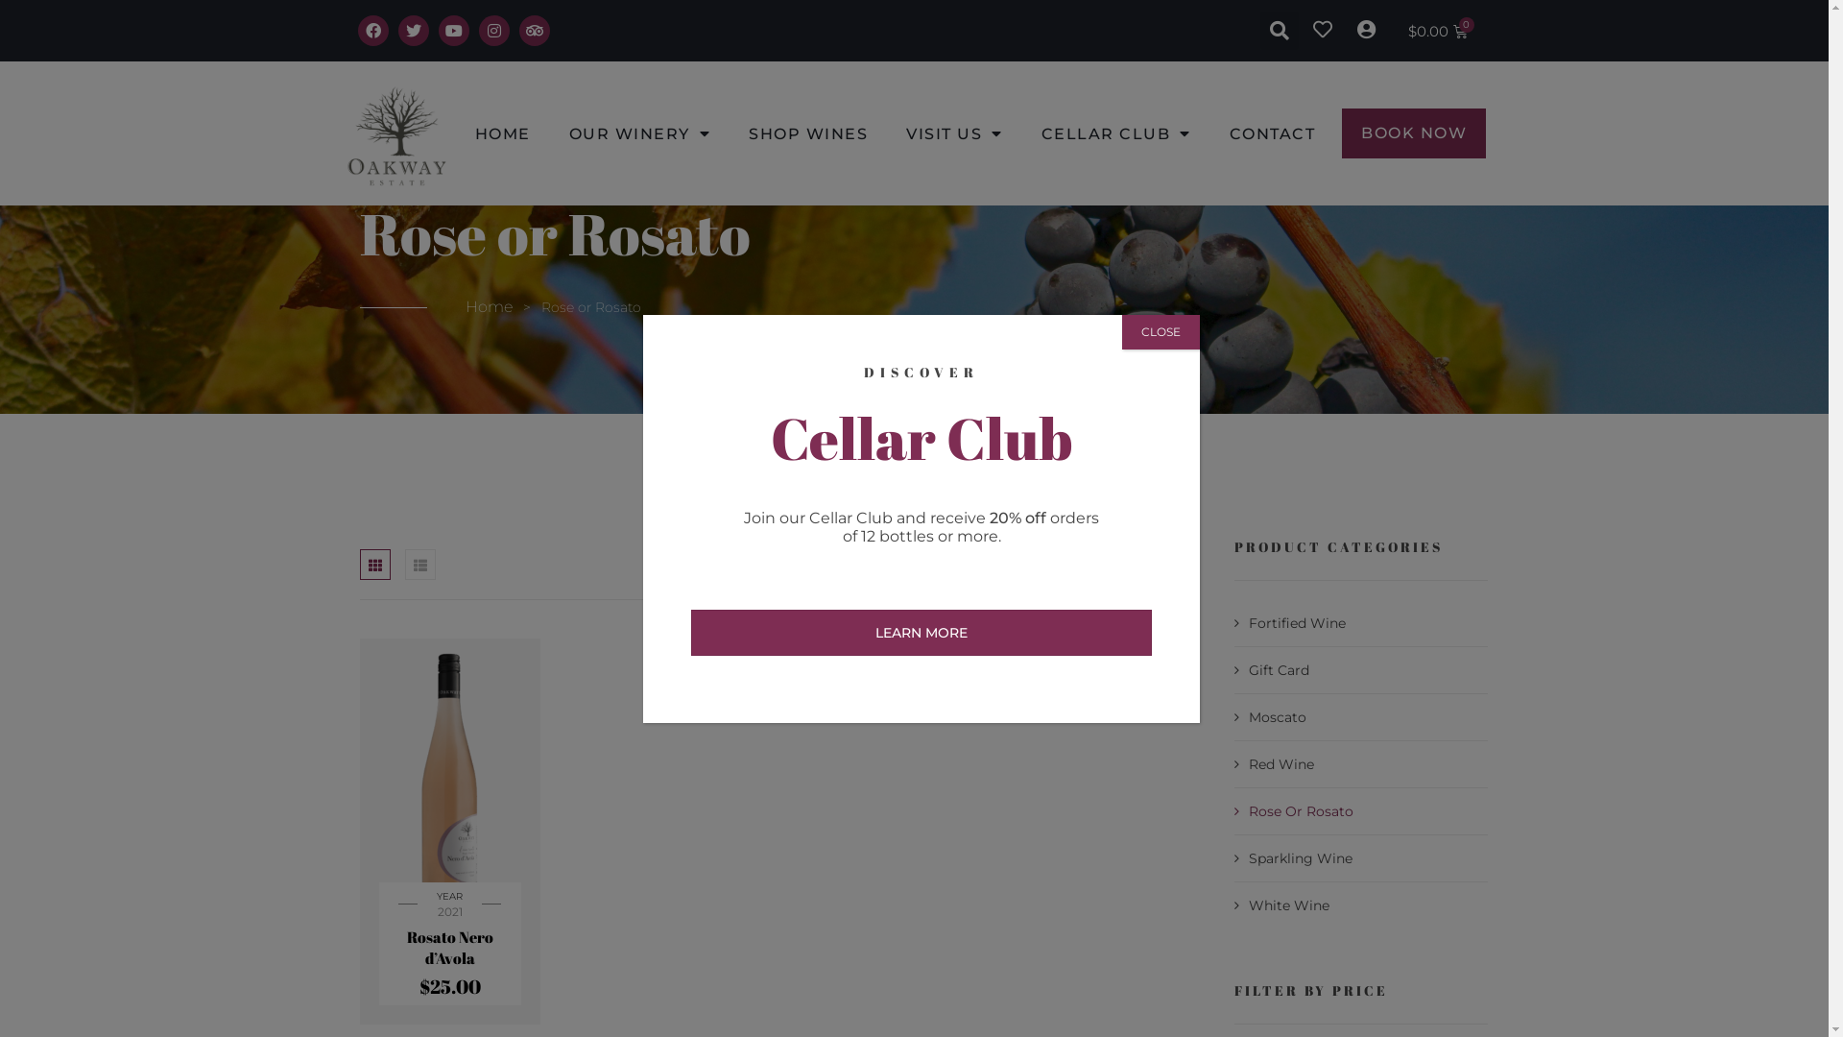 This screenshot has height=1037, width=1843. I want to click on 'CONTACT', so click(1272, 132).